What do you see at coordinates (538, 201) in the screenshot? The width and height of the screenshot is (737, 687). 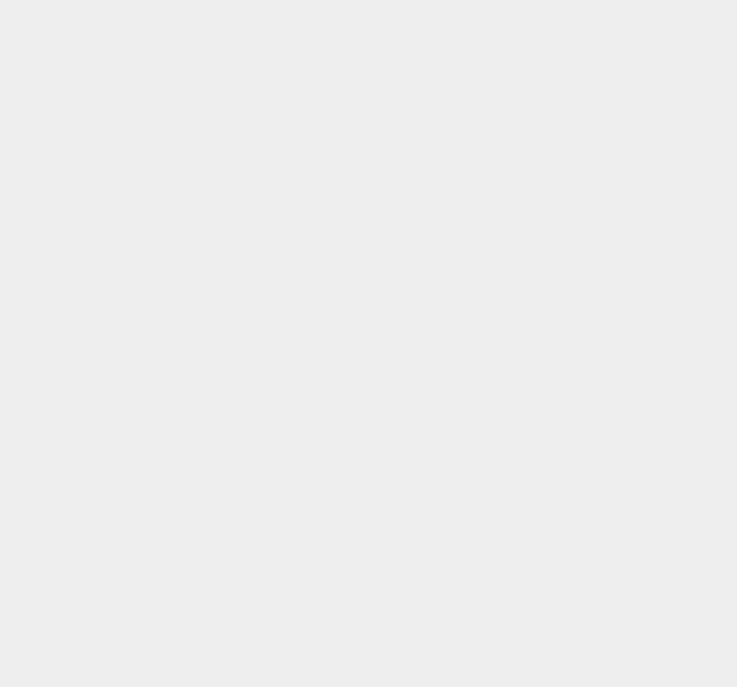 I see `'Speakers'` at bounding box center [538, 201].